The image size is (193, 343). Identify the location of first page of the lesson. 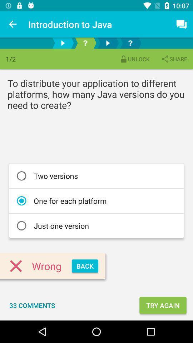
(63, 43).